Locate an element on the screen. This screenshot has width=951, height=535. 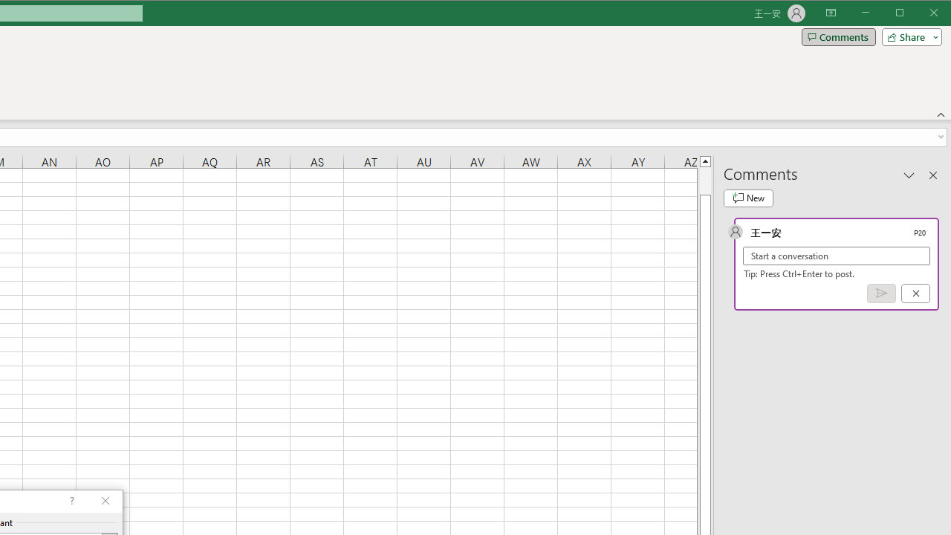
'Line up' is located at coordinates (704, 160).